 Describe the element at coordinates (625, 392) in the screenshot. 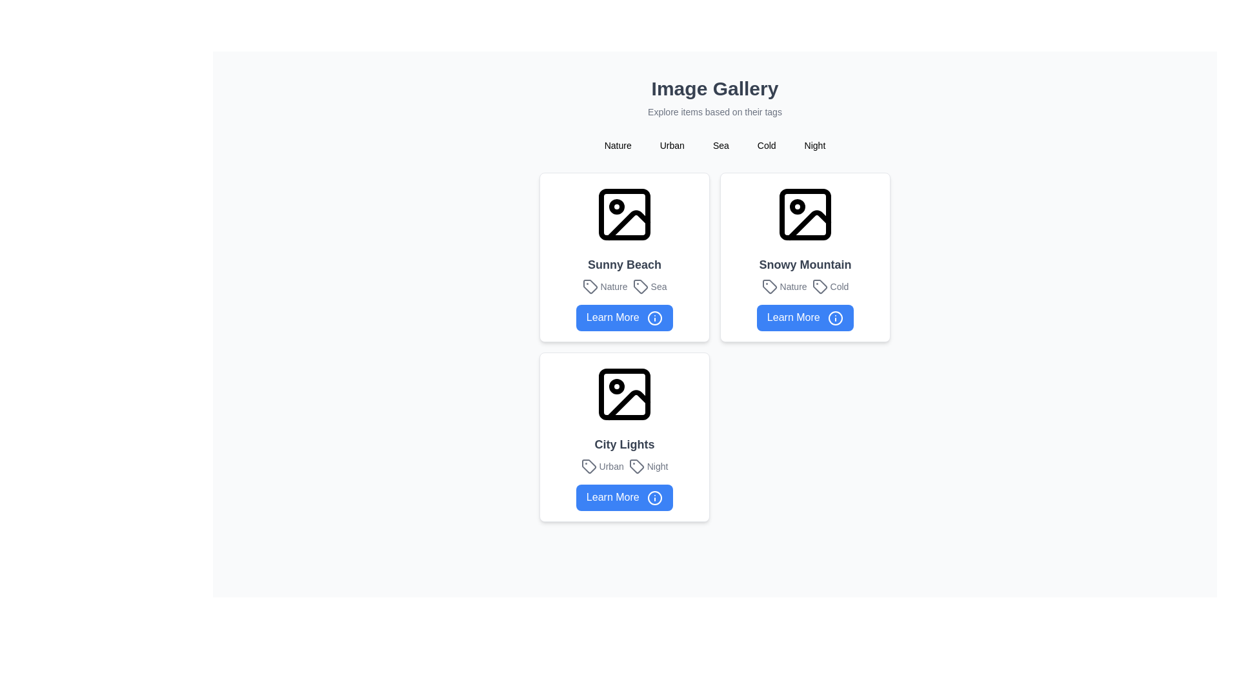

I see `the Decorative SVG element forming the main rectangular area of the image icon within the 'City Lights' card` at that location.